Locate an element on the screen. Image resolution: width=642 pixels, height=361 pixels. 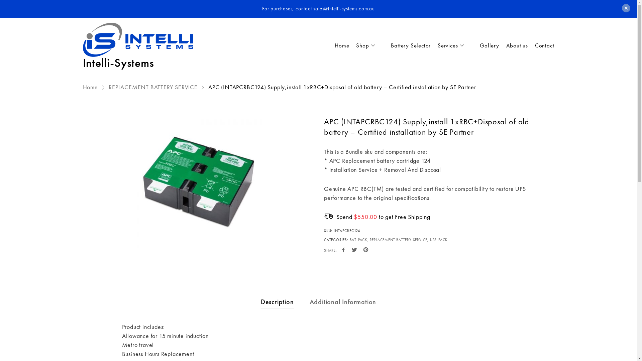
'Additional Information' is located at coordinates (343, 302).